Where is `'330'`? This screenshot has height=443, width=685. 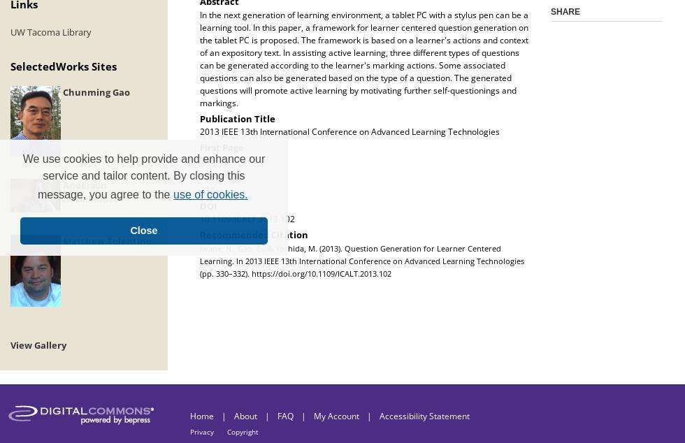
'330' is located at coordinates (207, 160).